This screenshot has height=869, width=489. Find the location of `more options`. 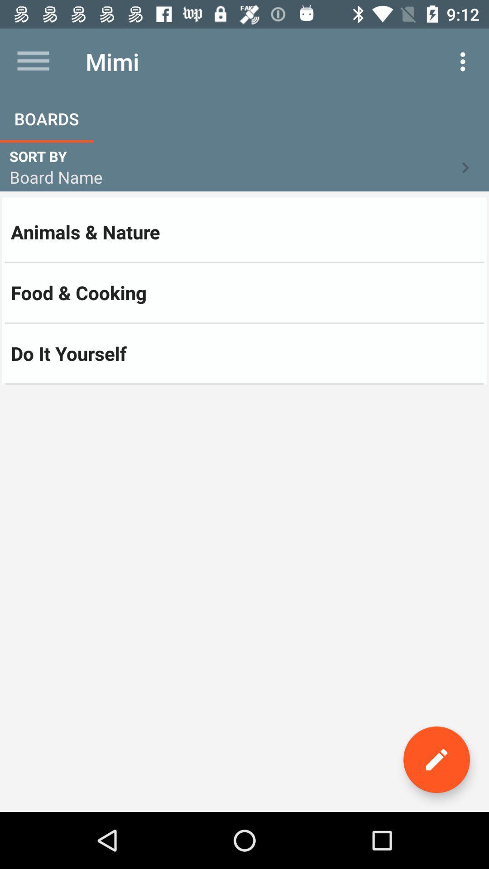

more options is located at coordinates (33, 61).